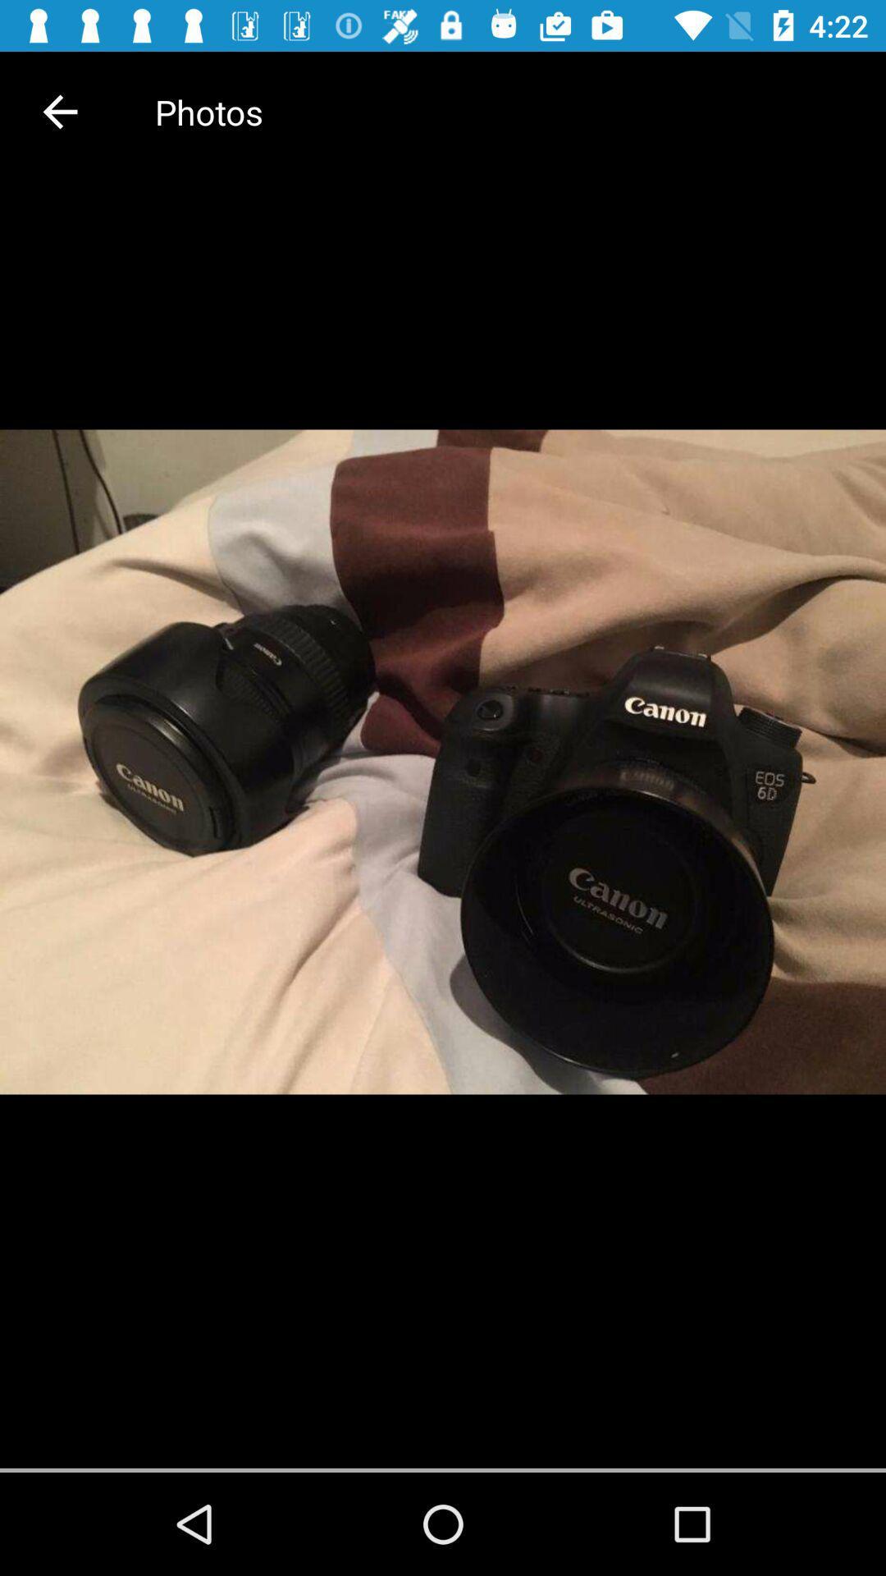 The width and height of the screenshot is (886, 1576). Describe the element at coordinates (59, 111) in the screenshot. I see `item next to the photos icon` at that location.